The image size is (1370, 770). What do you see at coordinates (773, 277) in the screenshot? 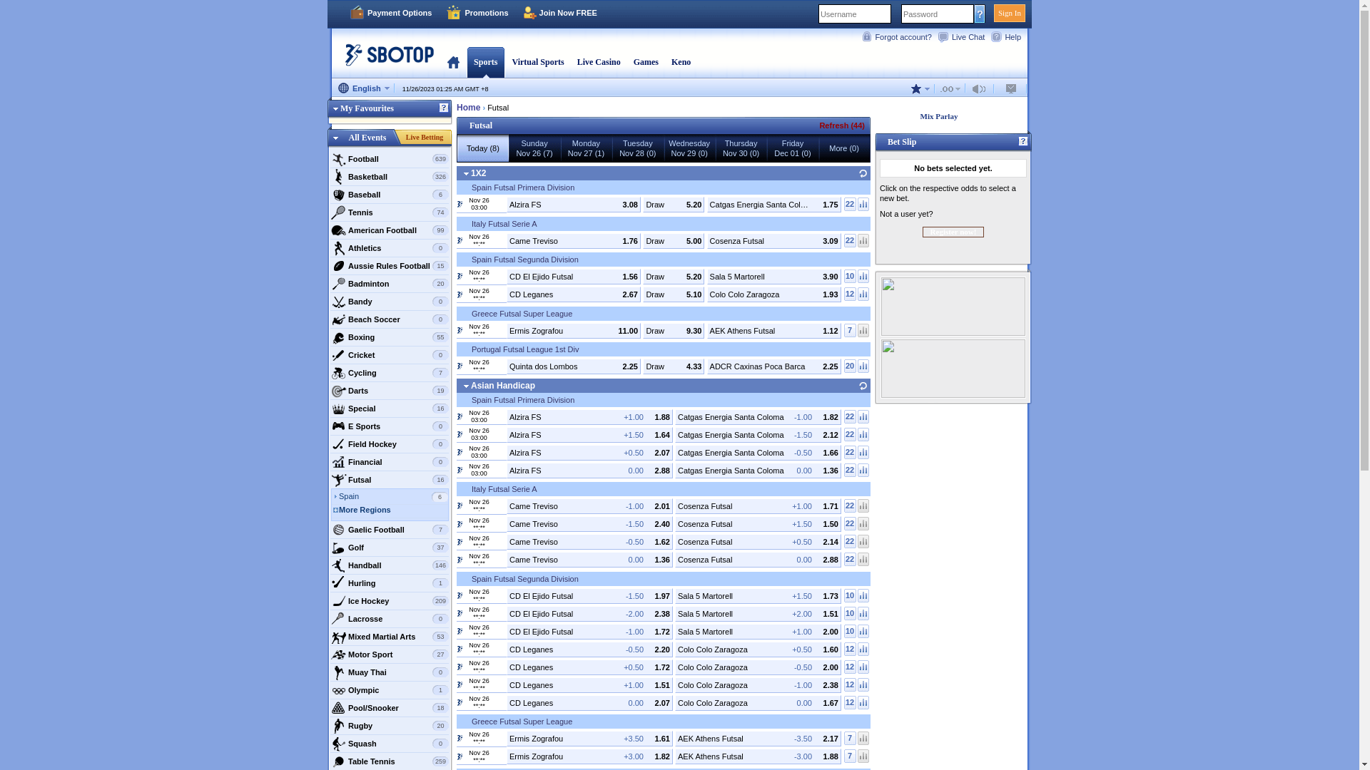
I see `'3.90` at bounding box center [773, 277].